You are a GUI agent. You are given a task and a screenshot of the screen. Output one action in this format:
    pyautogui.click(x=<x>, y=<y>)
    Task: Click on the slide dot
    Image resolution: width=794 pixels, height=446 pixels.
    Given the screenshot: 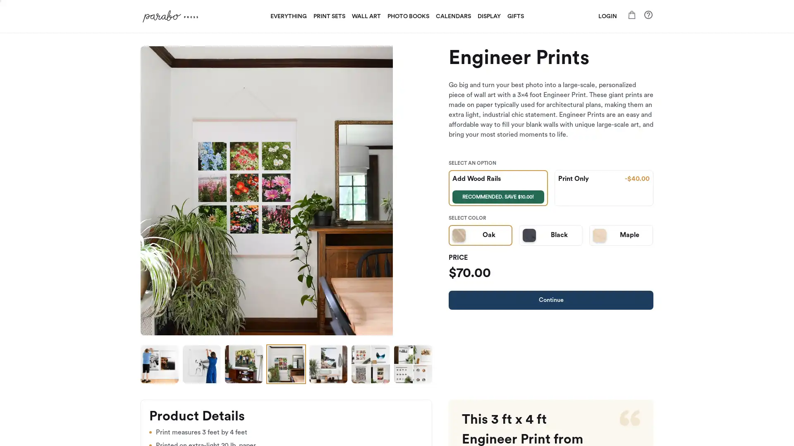 What is the action you would take?
    pyautogui.click(x=286, y=364)
    